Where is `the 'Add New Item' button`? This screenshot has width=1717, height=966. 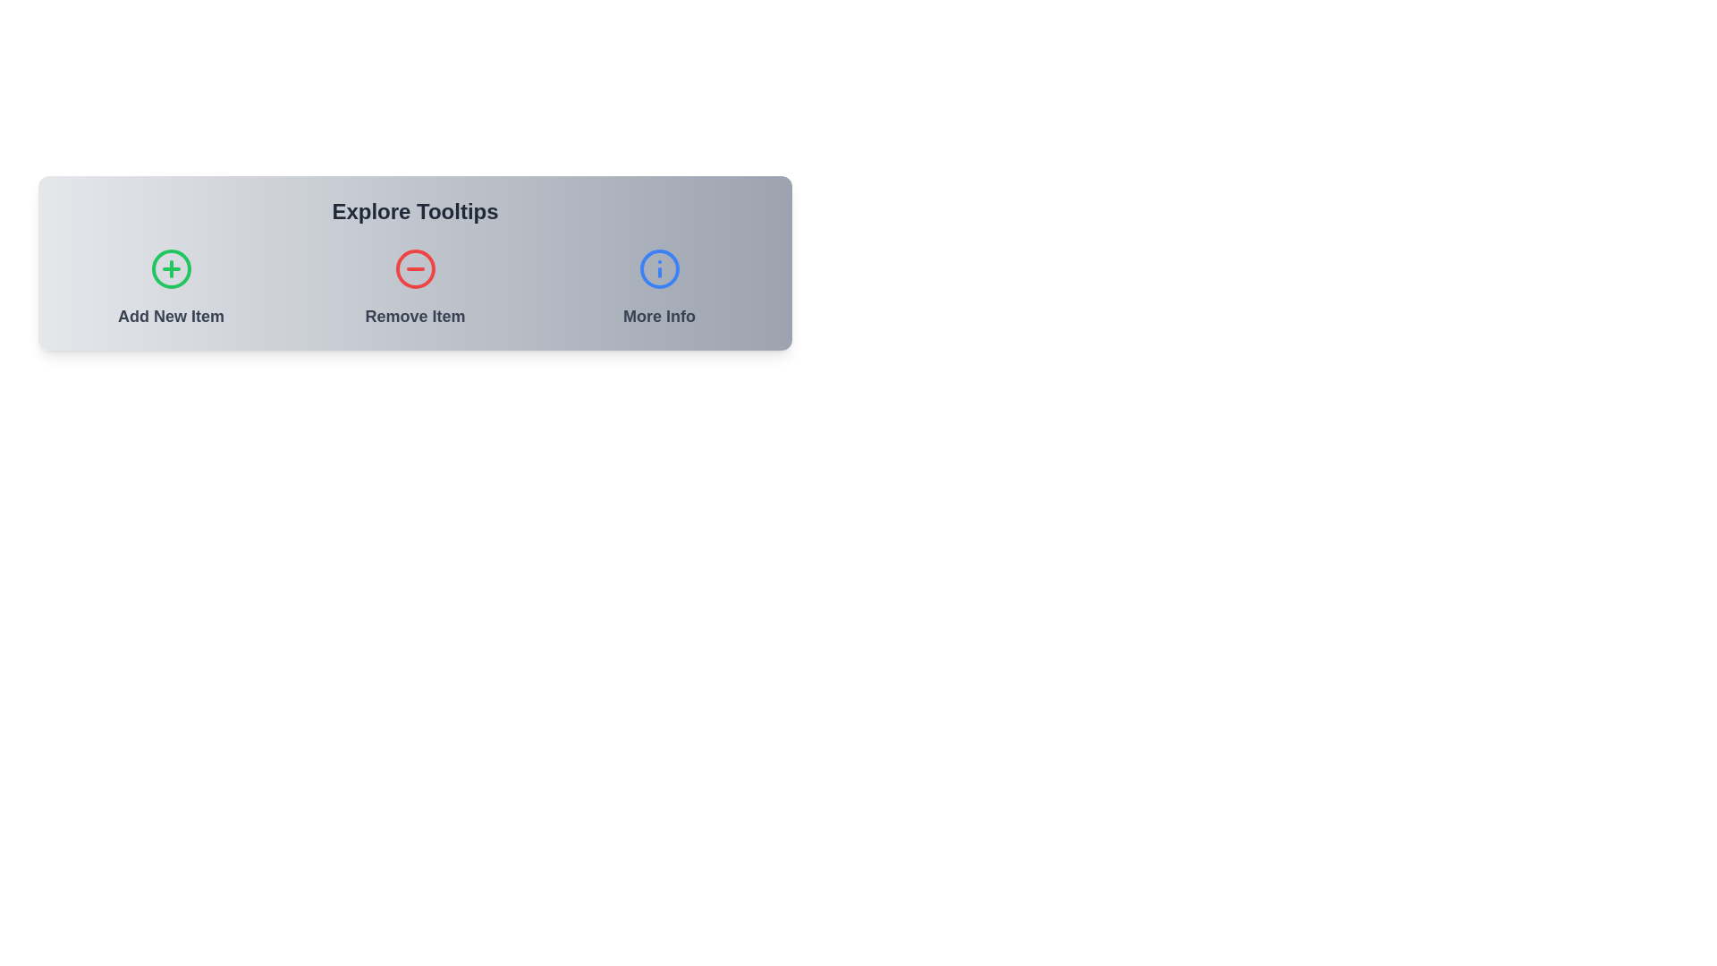 the 'Add New Item' button is located at coordinates (171, 268).